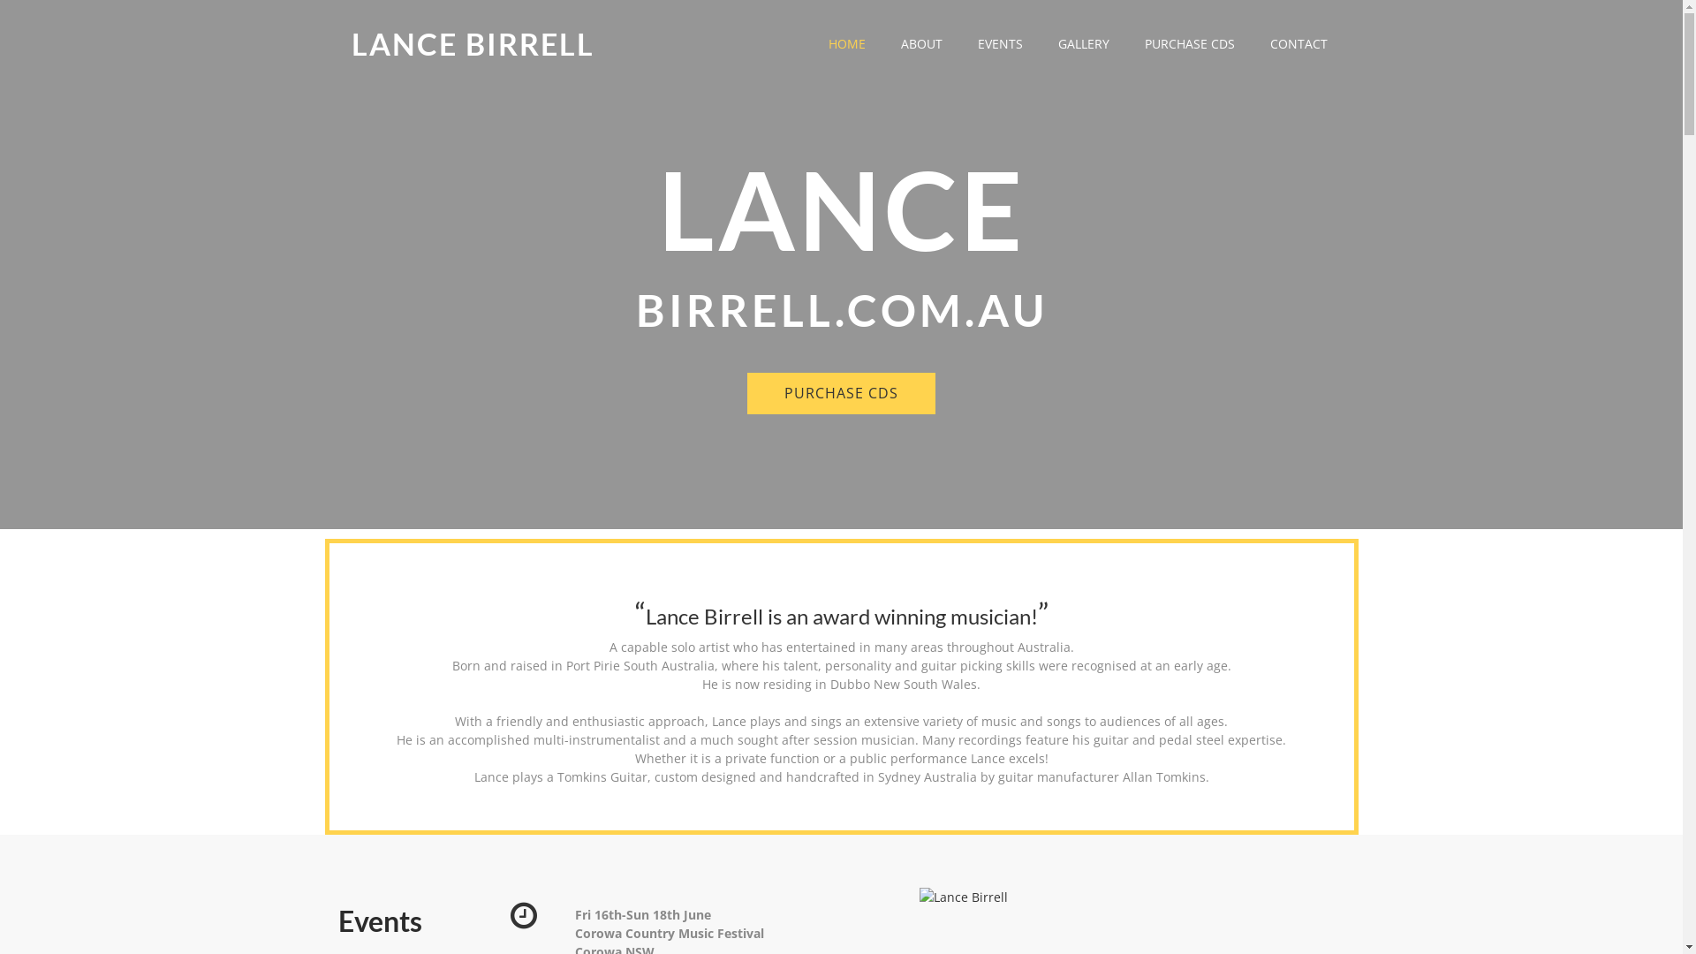 The height and width of the screenshot is (954, 1696). I want to click on 'GALLERY', so click(1040, 43).